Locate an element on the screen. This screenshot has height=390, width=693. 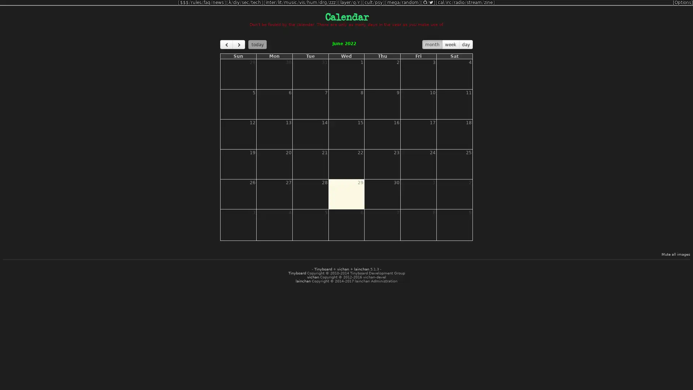
today is located at coordinates (257, 44).